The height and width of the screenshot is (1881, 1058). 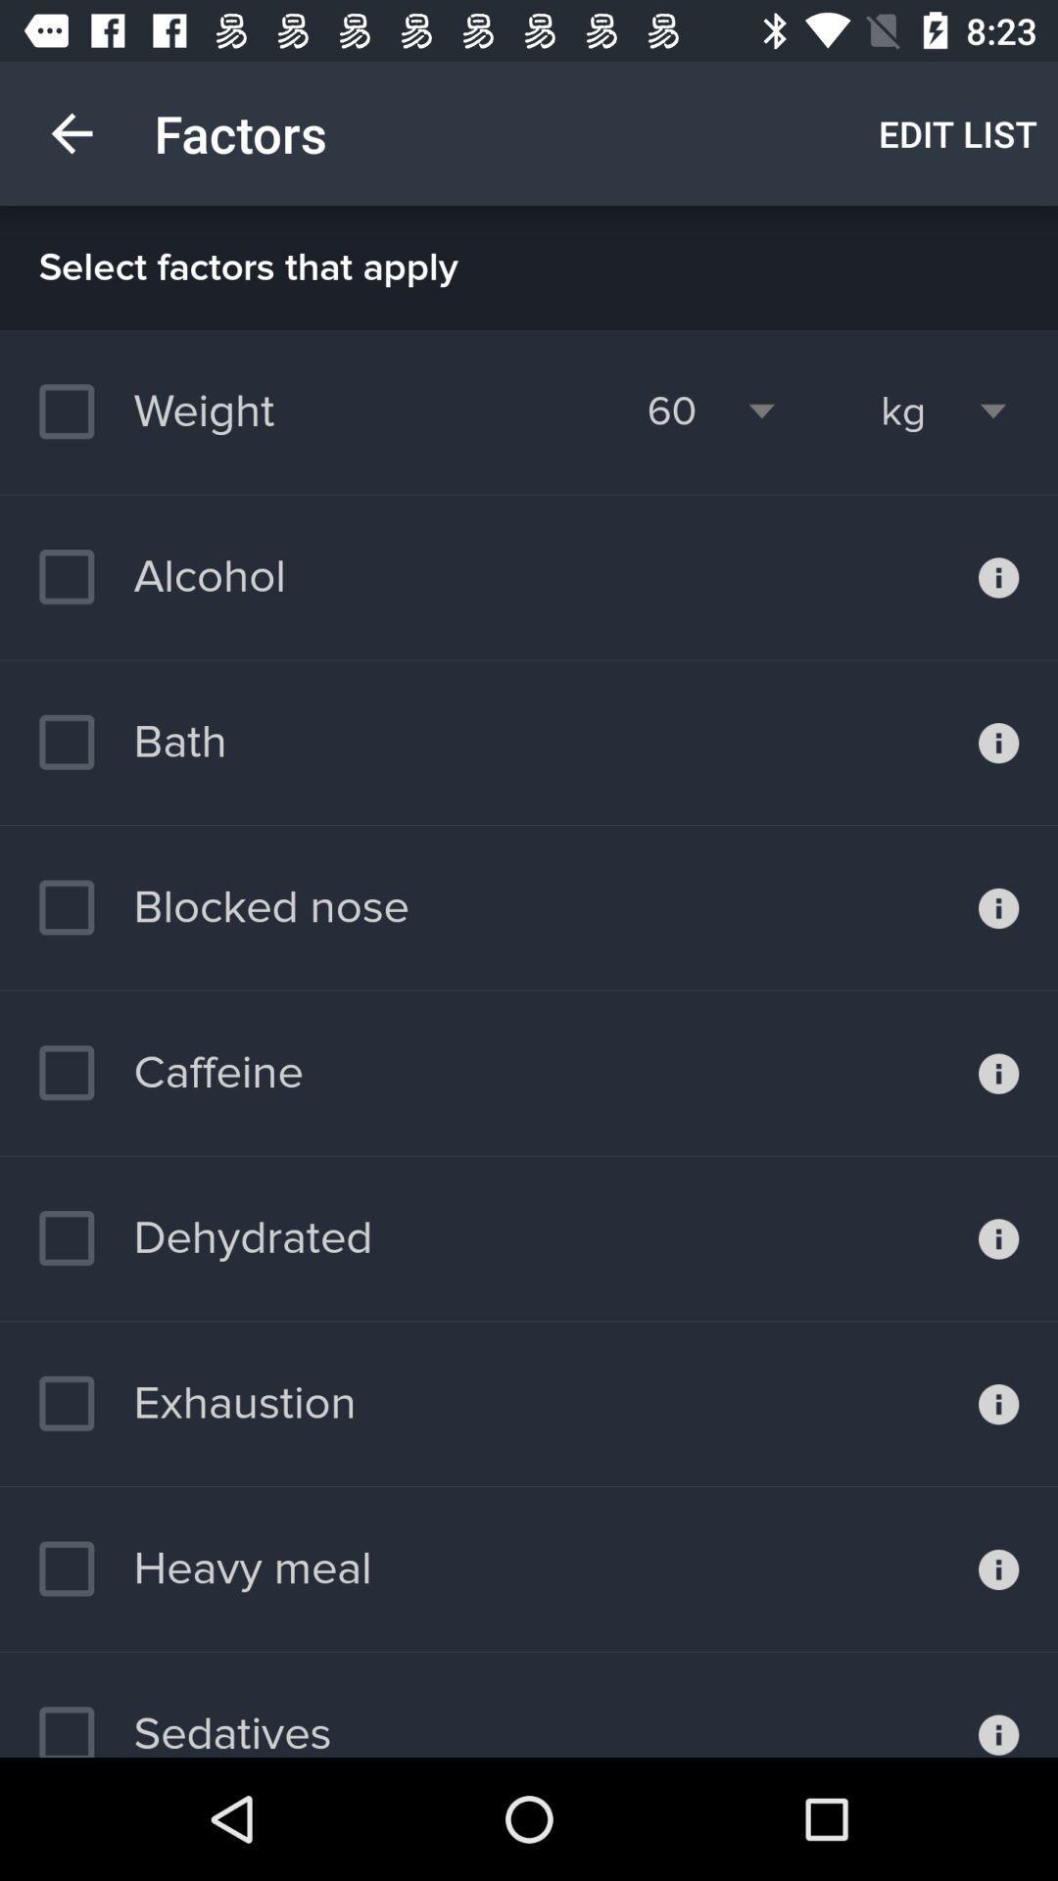 What do you see at coordinates (998, 1072) in the screenshot?
I see `more information` at bounding box center [998, 1072].